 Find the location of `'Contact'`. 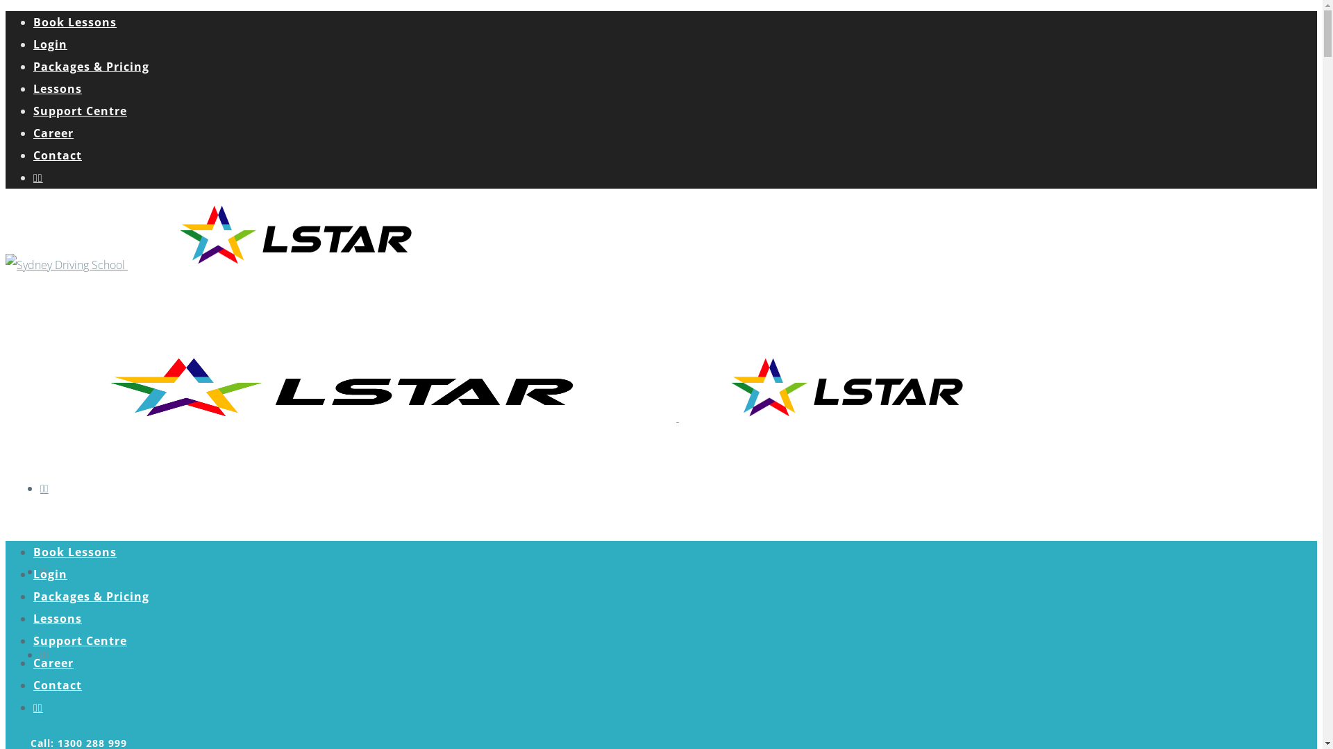

'Contact' is located at coordinates (56, 155).